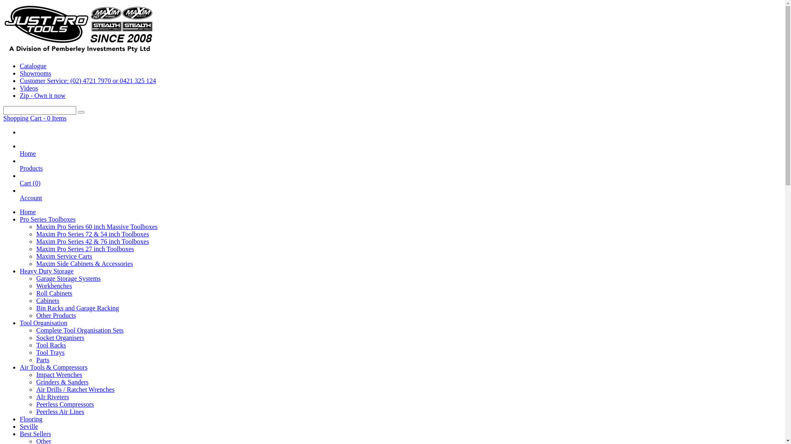 The width and height of the screenshot is (791, 444). What do you see at coordinates (31, 419) in the screenshot?
I see `'Flooring'` at bounding box center [31, 419].